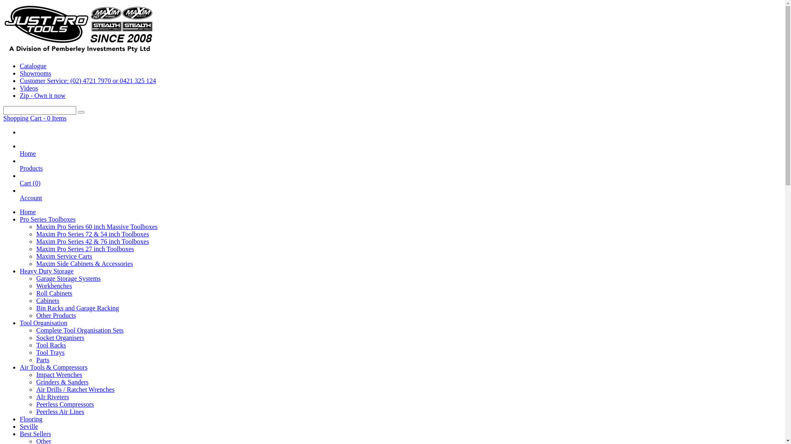 The width and height of the screenshot is (791, 444). What do you see at coordinates (31, 419) in the screenshot?
I see `'Flooring'` at bounding box center [31, 419].